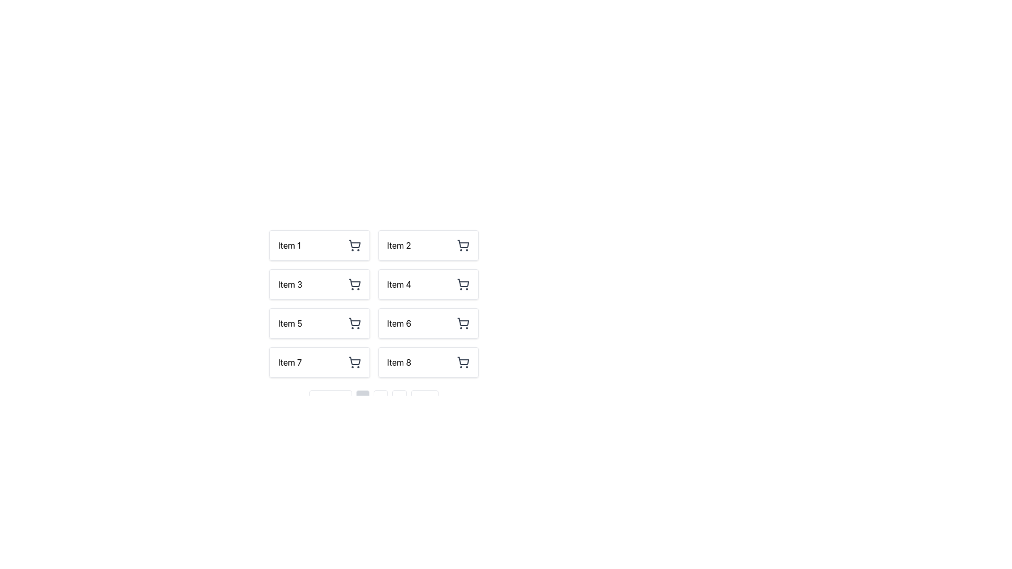 The width and height of the screenshot is (1012, 569). I want to click on the interactive icon for 'Item 6', so click(463, 322).